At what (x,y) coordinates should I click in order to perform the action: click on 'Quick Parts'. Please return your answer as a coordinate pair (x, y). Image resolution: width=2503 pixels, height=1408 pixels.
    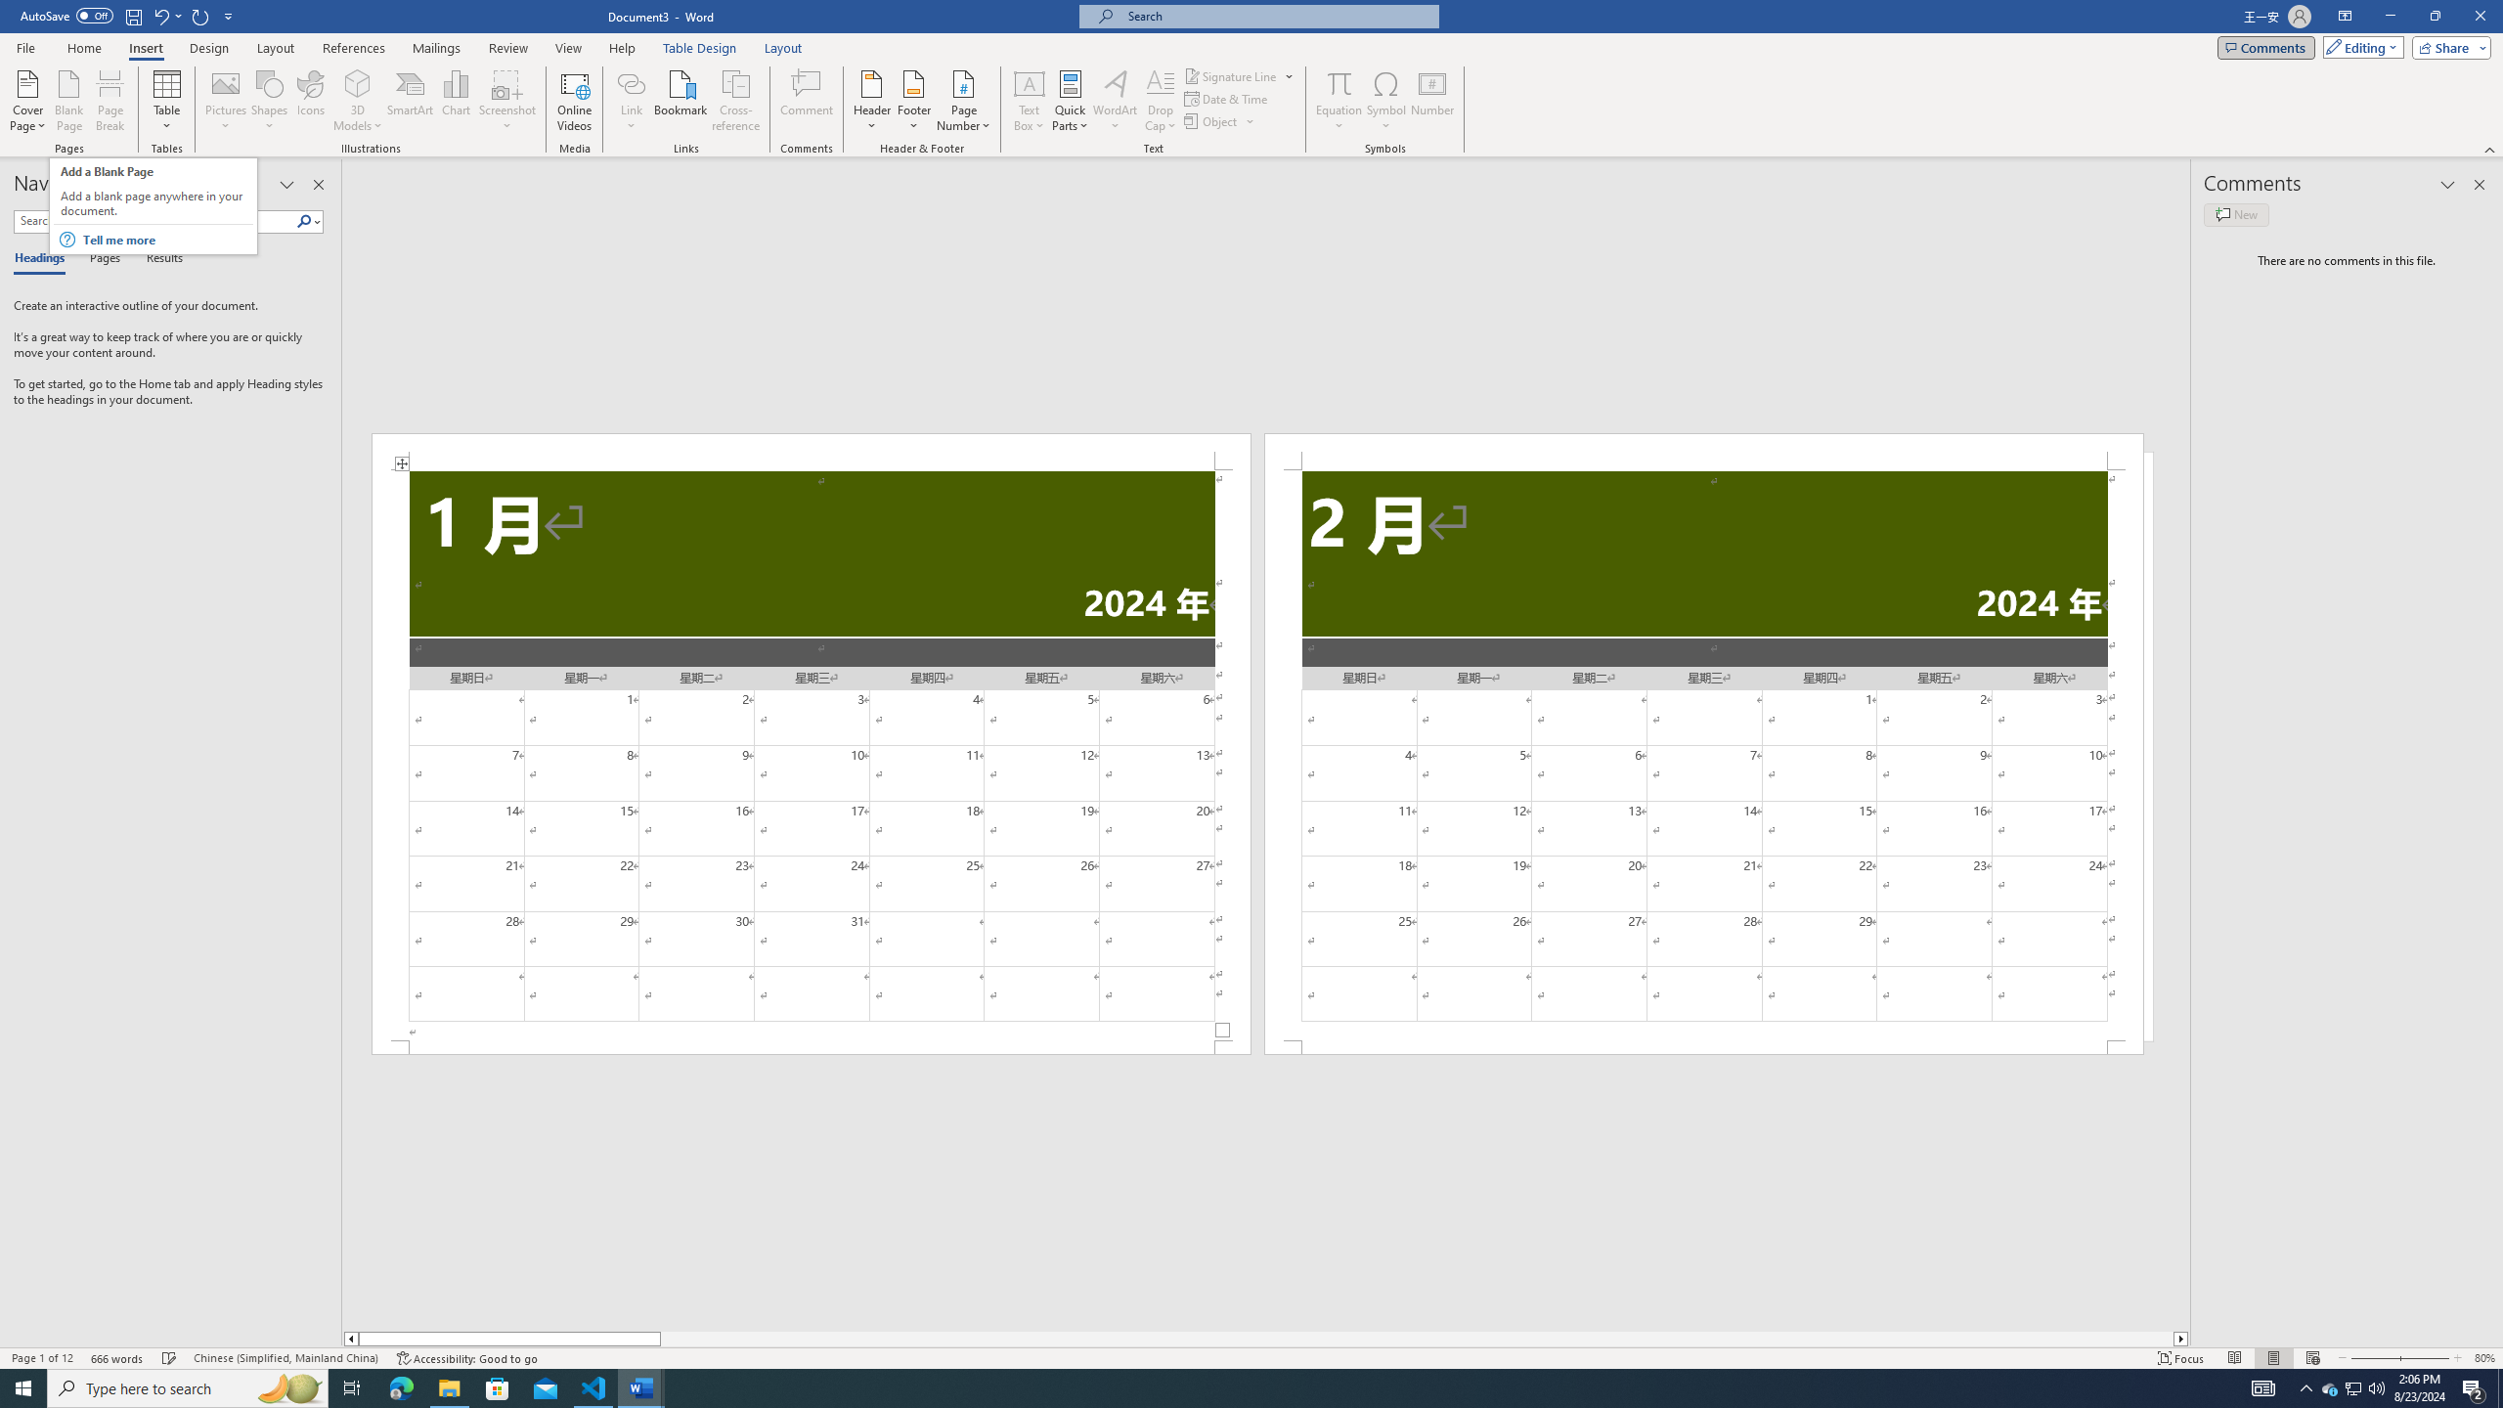
    Looking at the image, I should click on (1070, 101).